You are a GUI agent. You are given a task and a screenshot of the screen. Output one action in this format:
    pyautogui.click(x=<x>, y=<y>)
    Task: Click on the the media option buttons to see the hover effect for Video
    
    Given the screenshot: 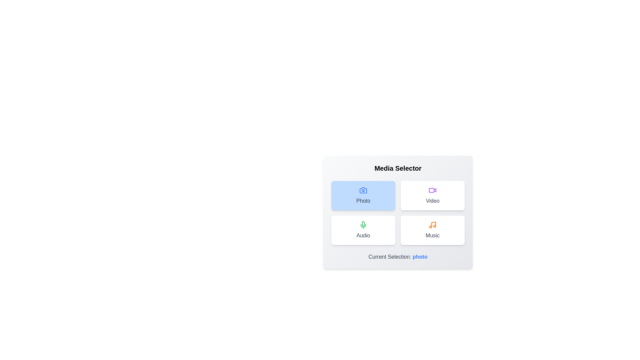 What is the action you would take?
    pyautogui.click(x=432, y=195)
    